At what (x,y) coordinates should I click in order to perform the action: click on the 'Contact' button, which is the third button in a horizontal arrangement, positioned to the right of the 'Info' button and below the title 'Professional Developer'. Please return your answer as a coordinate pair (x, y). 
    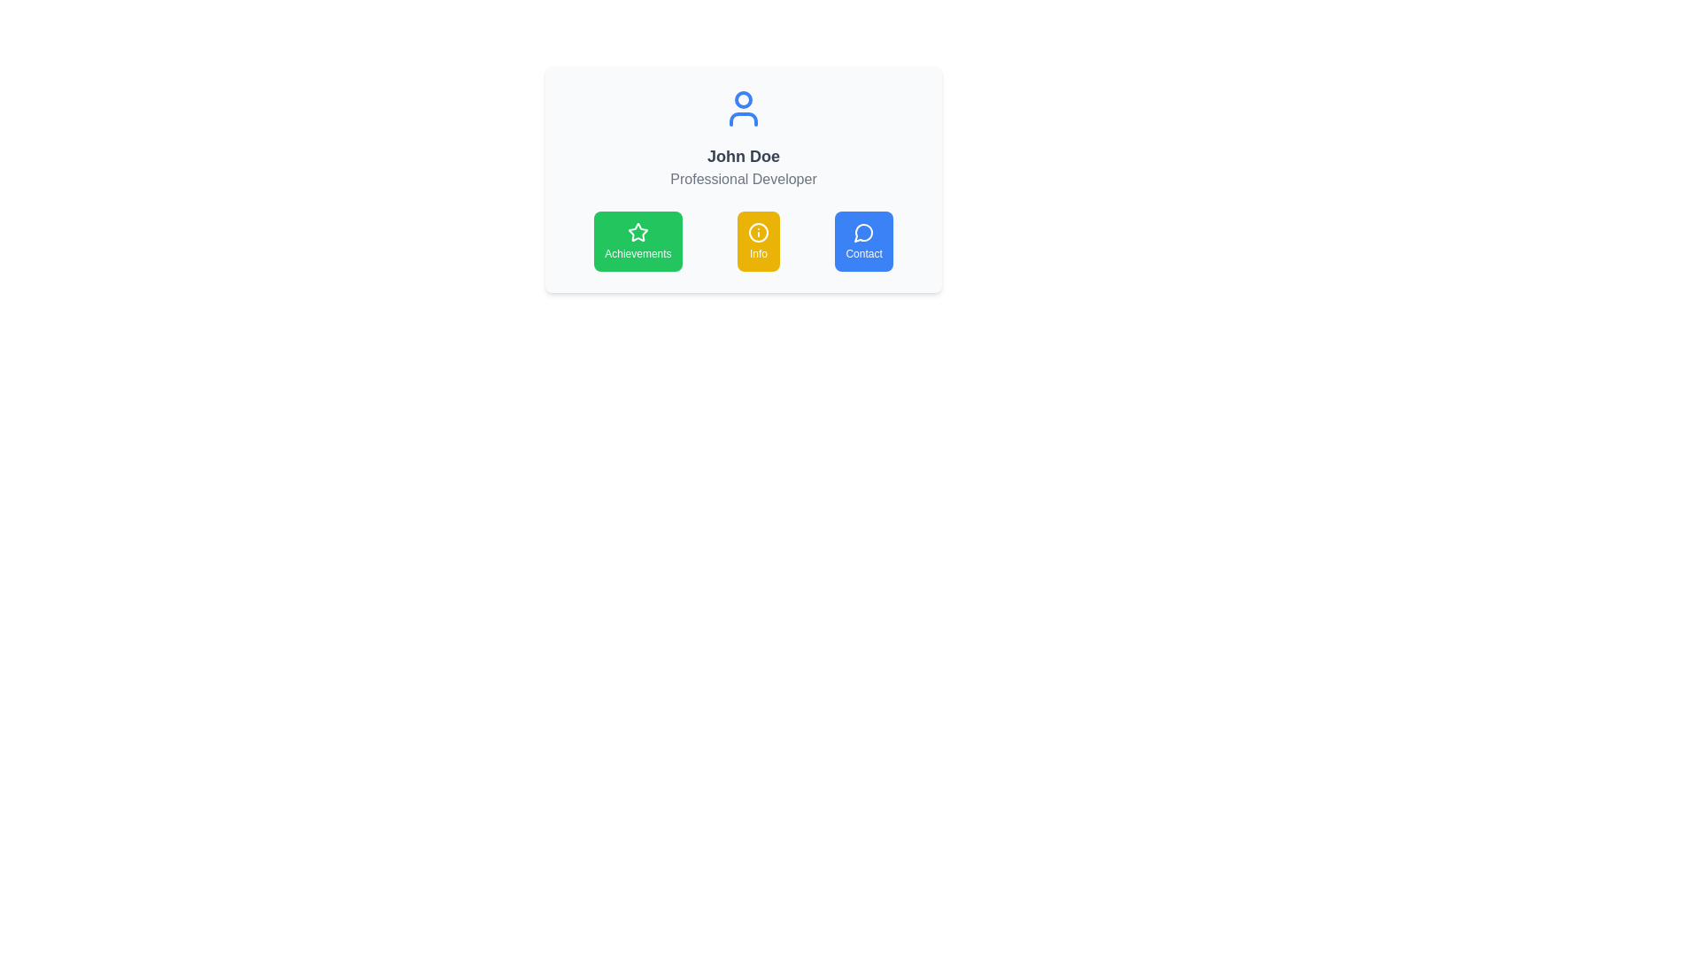
    Looking at the image, I should click on (864, 242).